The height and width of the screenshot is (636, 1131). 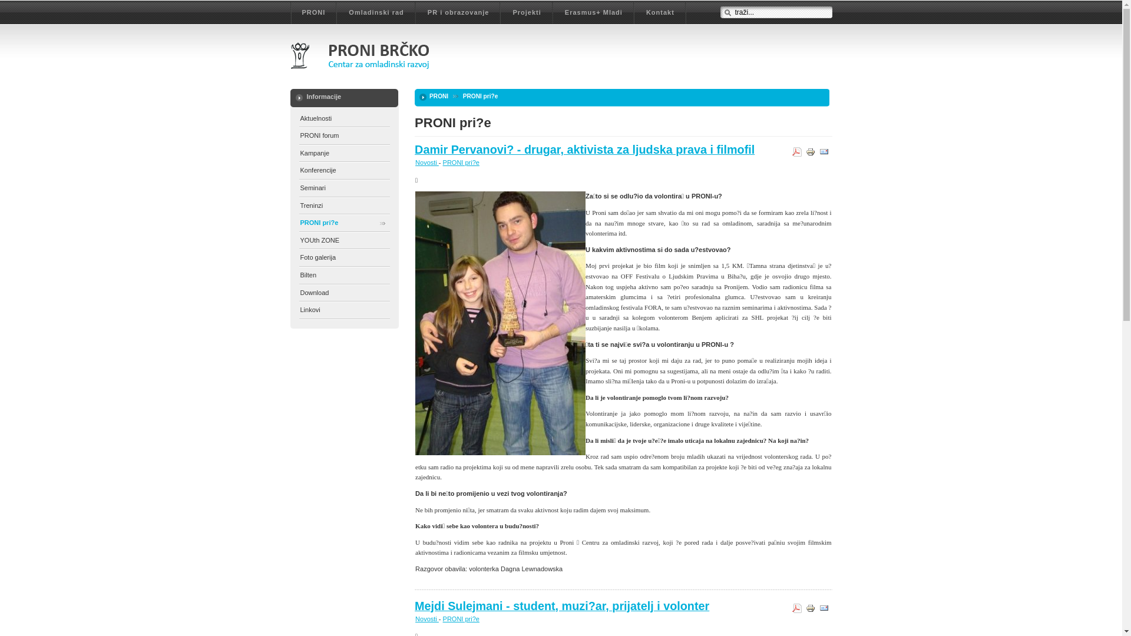 I want to click on 'Kampanje', so click(x=344, y=153).